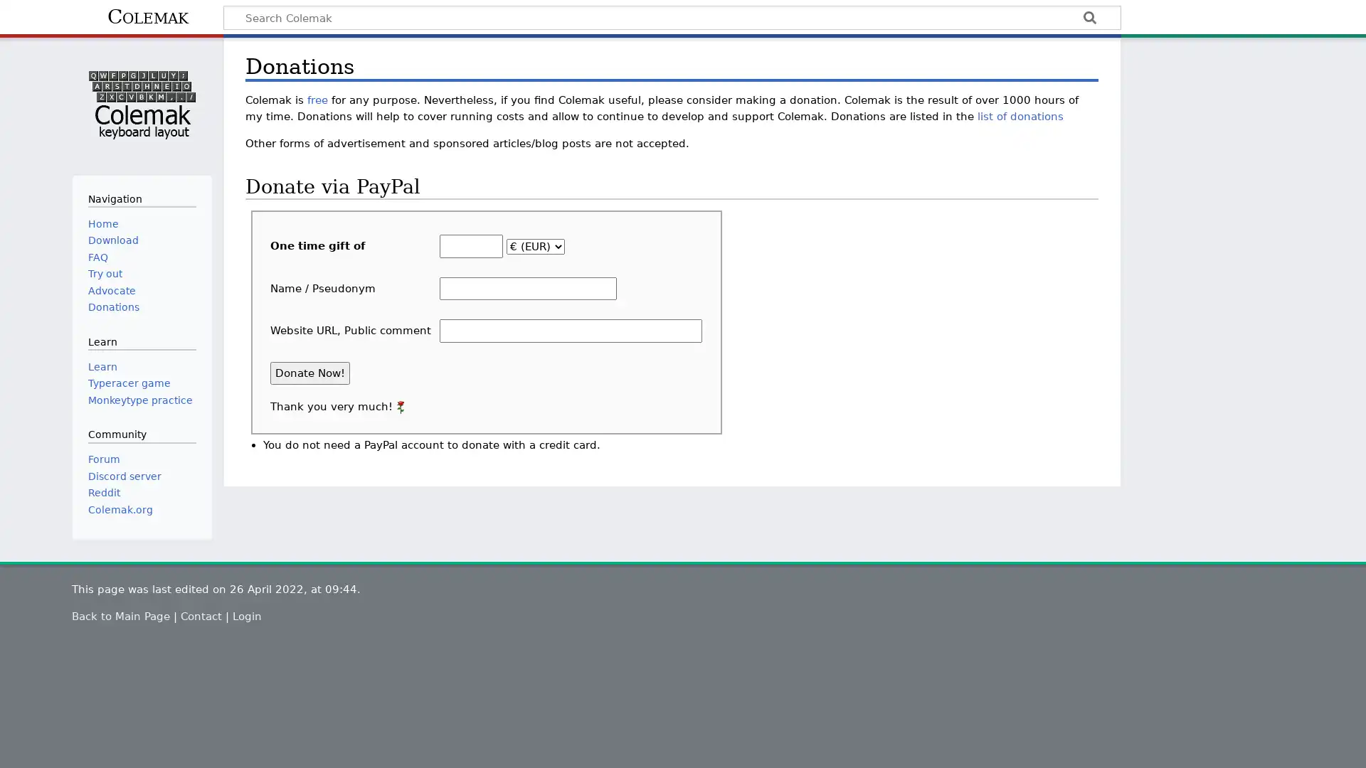 The height and width of the screenshot is (768, 1366). What do you see at coordinates (309, 372) in the screenshot?
I see `Donate Now!` at bounding box center [309, 372].